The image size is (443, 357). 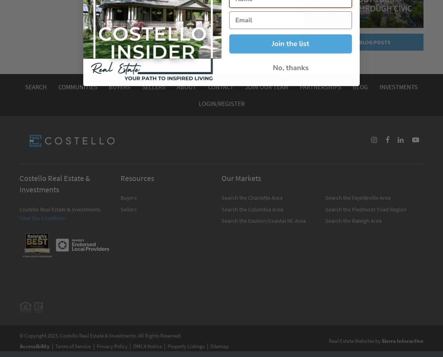 I want to click on 'Communities', so click(x=77, y=87).